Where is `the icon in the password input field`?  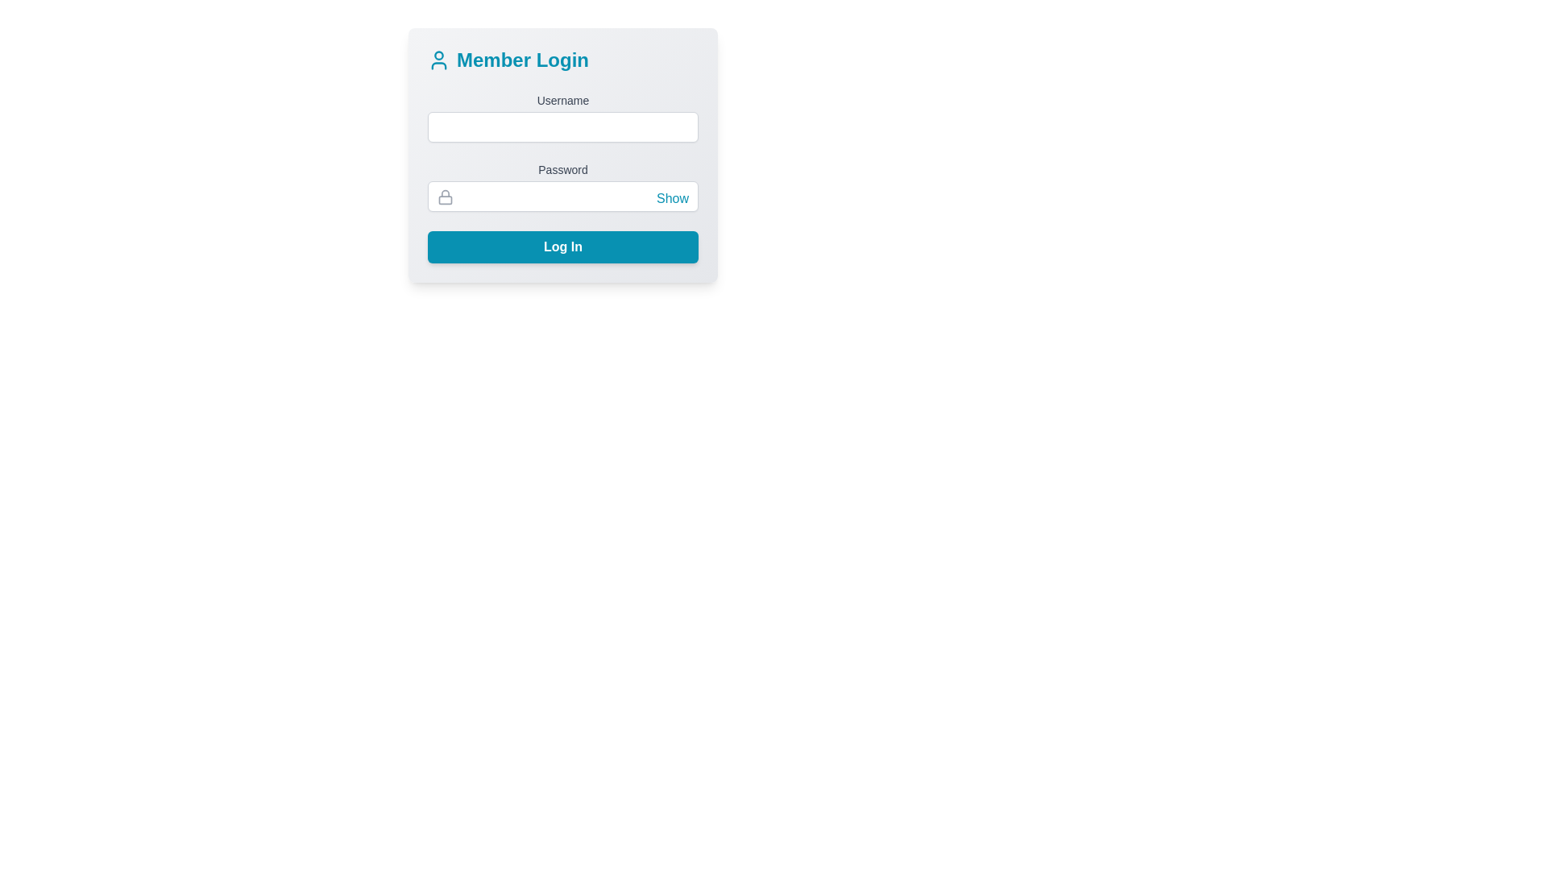 the icon in the password input field is located at coordinates (563, 185).